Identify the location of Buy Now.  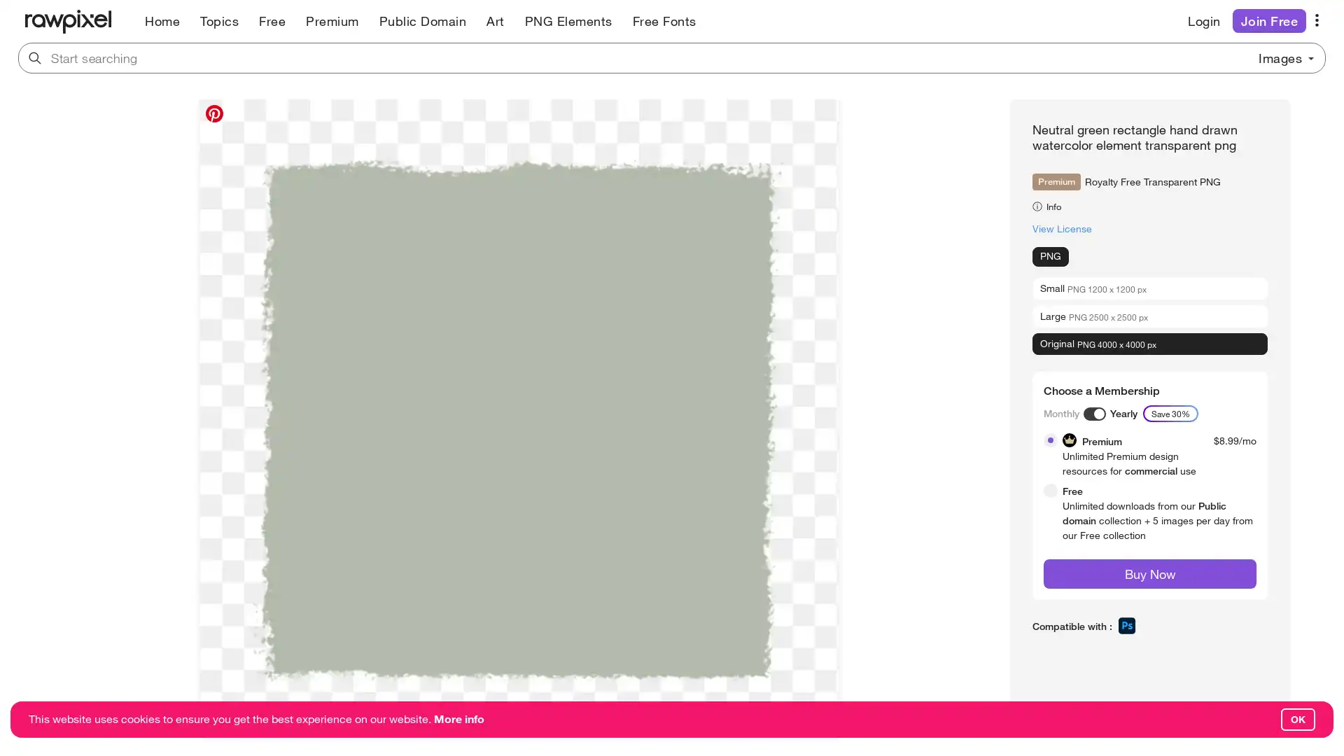
(1149, 574).